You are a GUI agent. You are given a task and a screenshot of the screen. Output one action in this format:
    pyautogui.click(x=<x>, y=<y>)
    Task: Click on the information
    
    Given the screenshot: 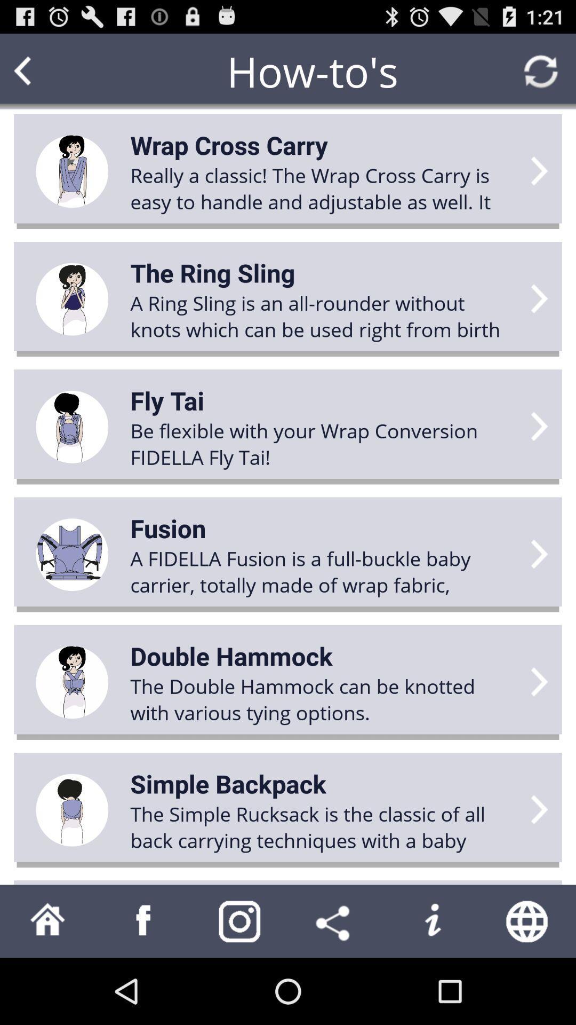 What is the action you would take?
    pyautogui.click(x=432, y=920)
    